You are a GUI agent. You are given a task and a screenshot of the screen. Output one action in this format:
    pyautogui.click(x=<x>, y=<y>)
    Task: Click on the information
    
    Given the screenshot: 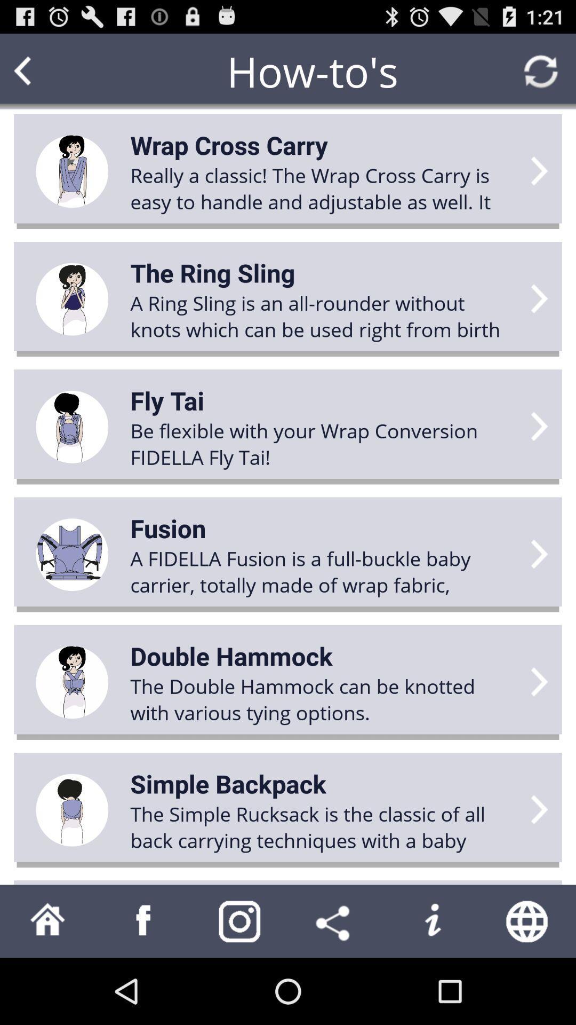 What is the action you would take?
    pyautogui.click(x=432, y=920)
    